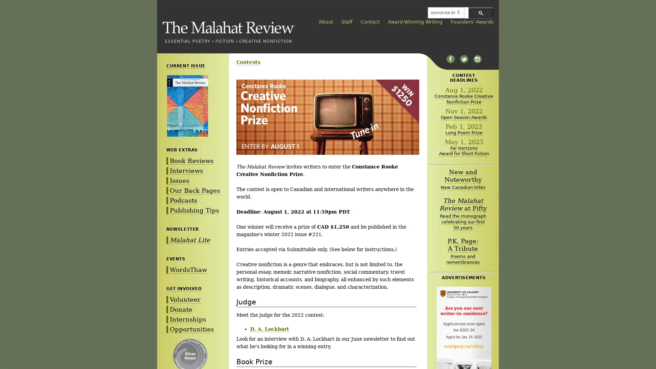 Image resolution: width=656 pixels, height=369 pixels. I want to click on search, so click(480, 13).